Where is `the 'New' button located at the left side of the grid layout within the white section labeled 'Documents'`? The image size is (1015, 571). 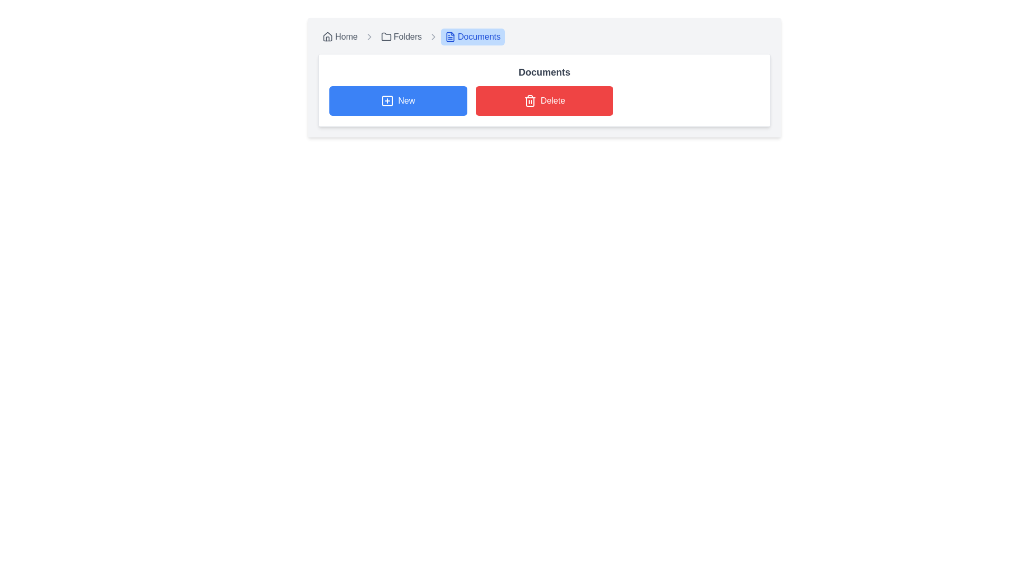 the 'New' button located at the left side of the grid layout within the white section labeled 'Documents' is located at coordinates (398, 101).